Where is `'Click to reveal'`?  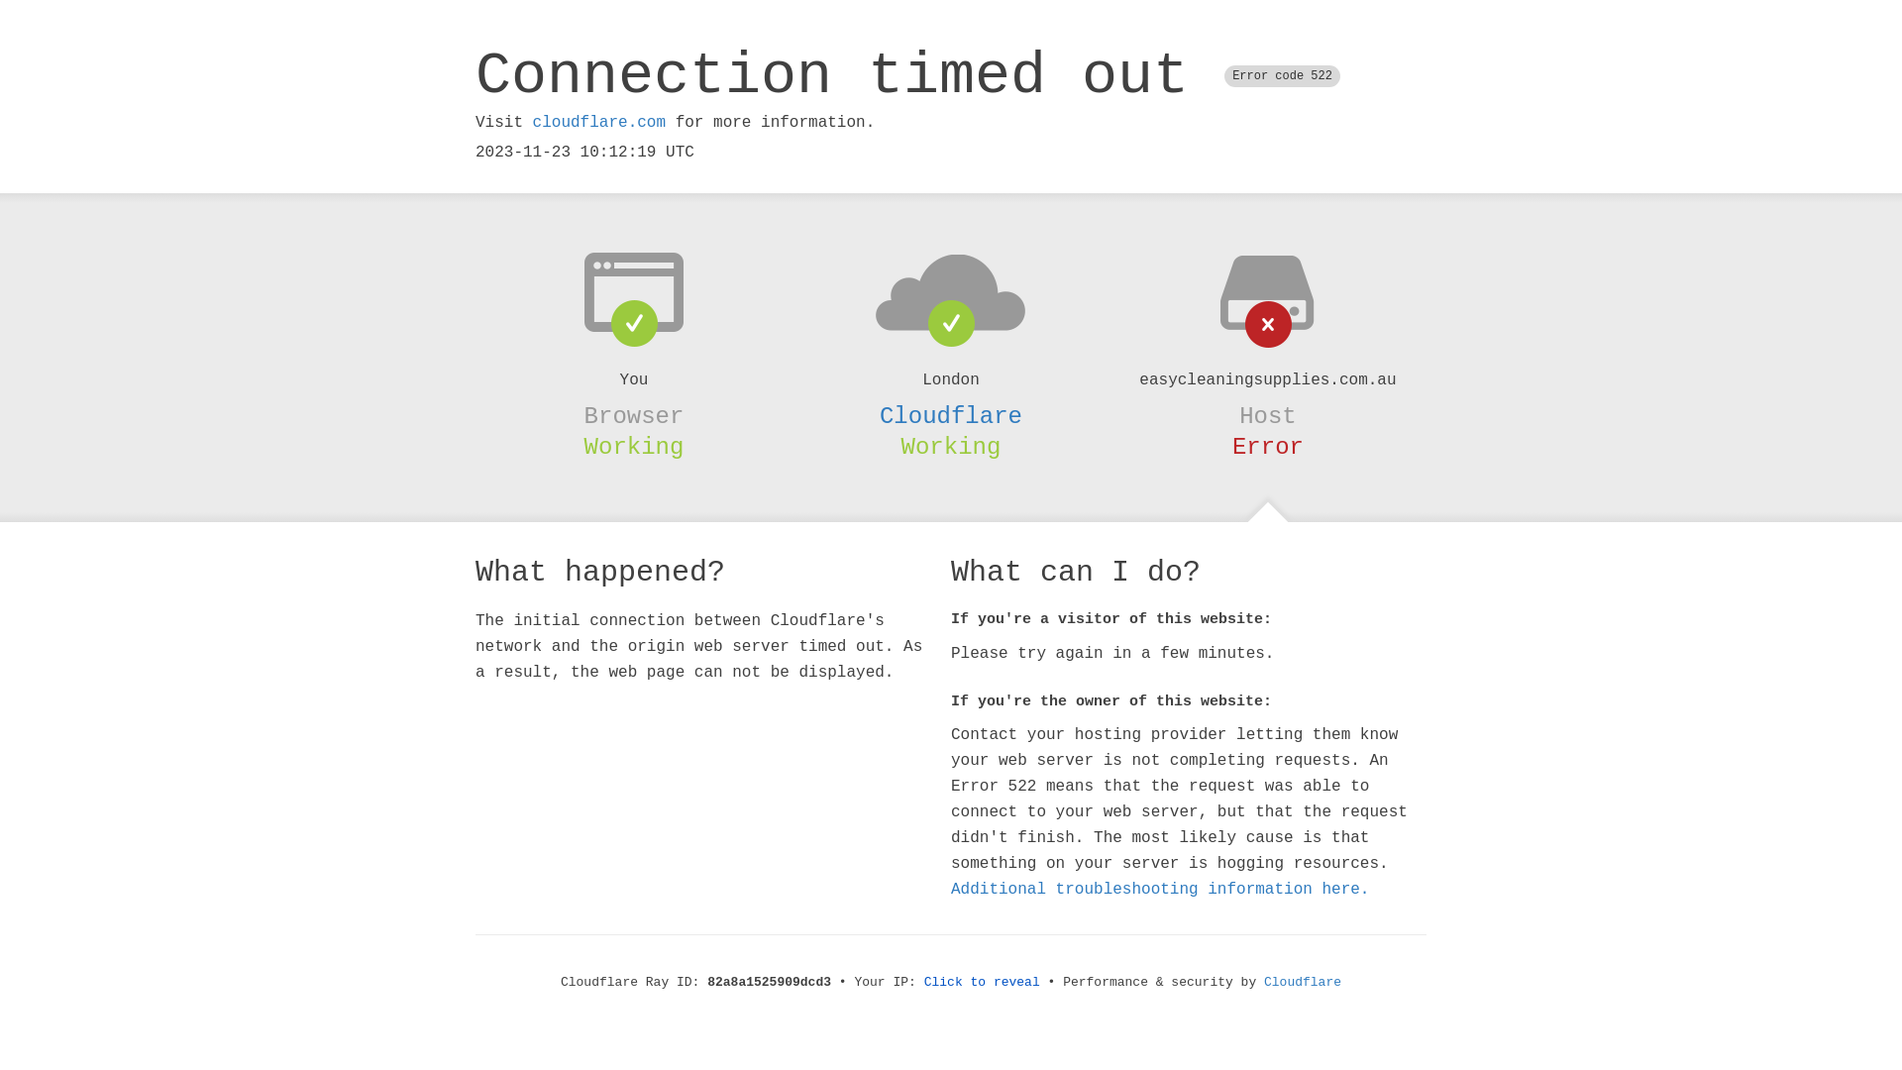 'Click to reveal' is located at coordinates (982, 982).